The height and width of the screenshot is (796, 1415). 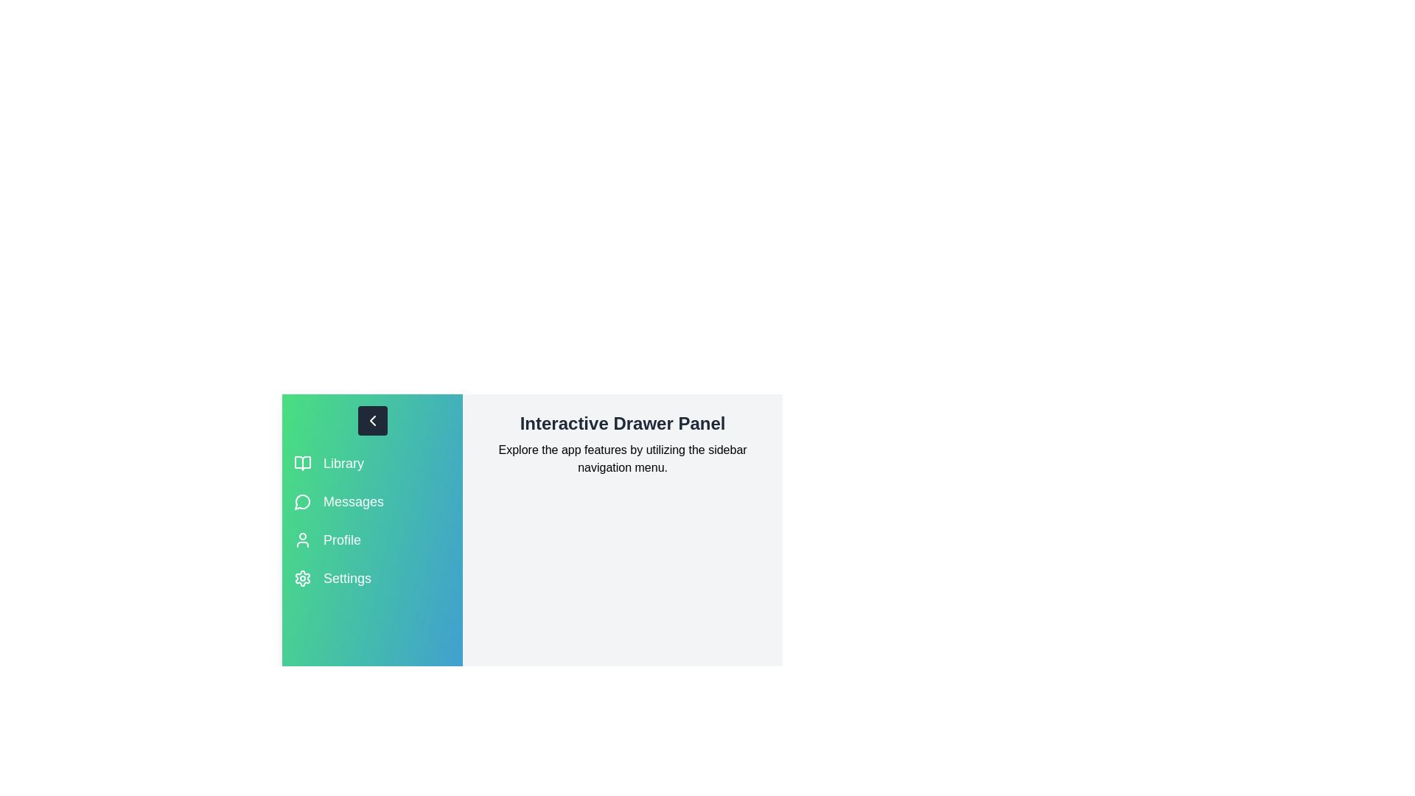 What do you see at coordinates (372, 420) in the screenshot?
I see `toggle button to change the drawer's state` at bounding box center [372, 420].